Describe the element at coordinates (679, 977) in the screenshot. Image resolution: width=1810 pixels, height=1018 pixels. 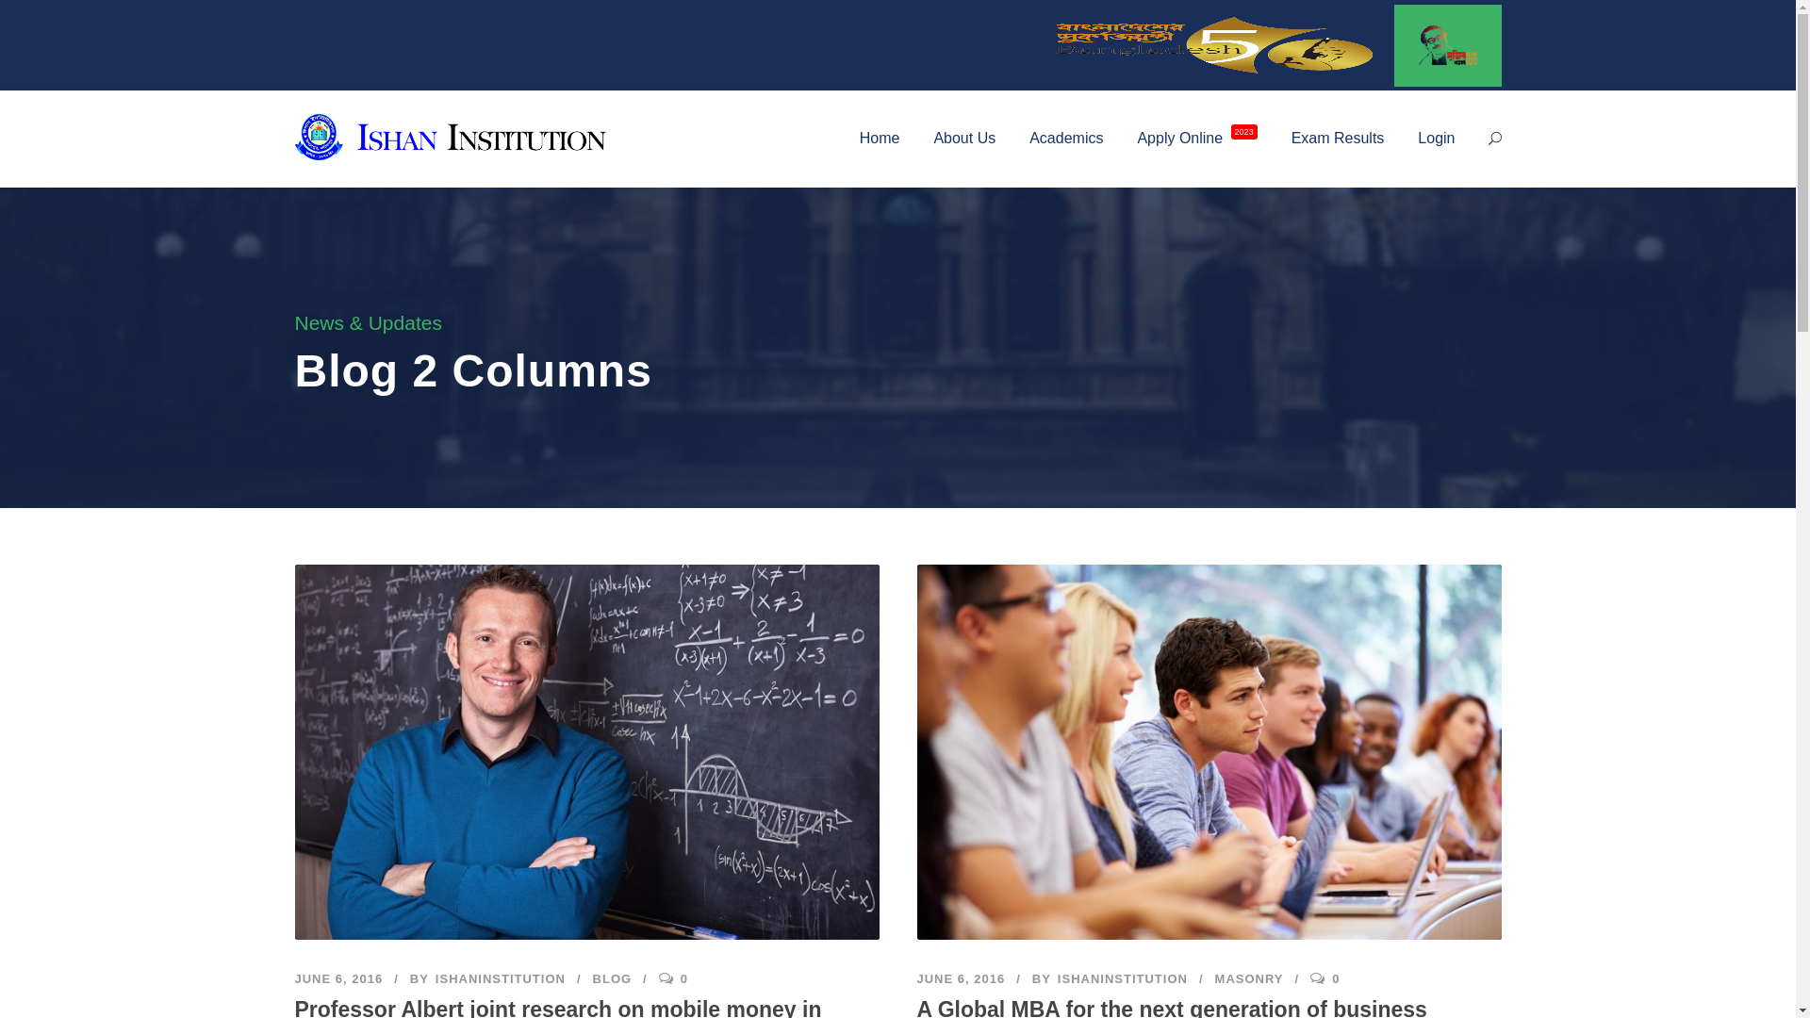
I see `'0'` at that location.